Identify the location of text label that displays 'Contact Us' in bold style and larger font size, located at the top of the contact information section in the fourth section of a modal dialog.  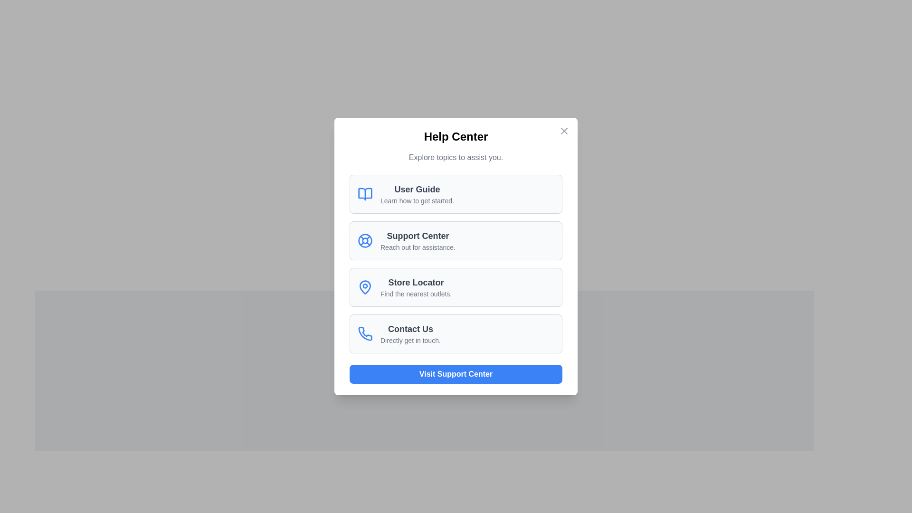
(410, 329).